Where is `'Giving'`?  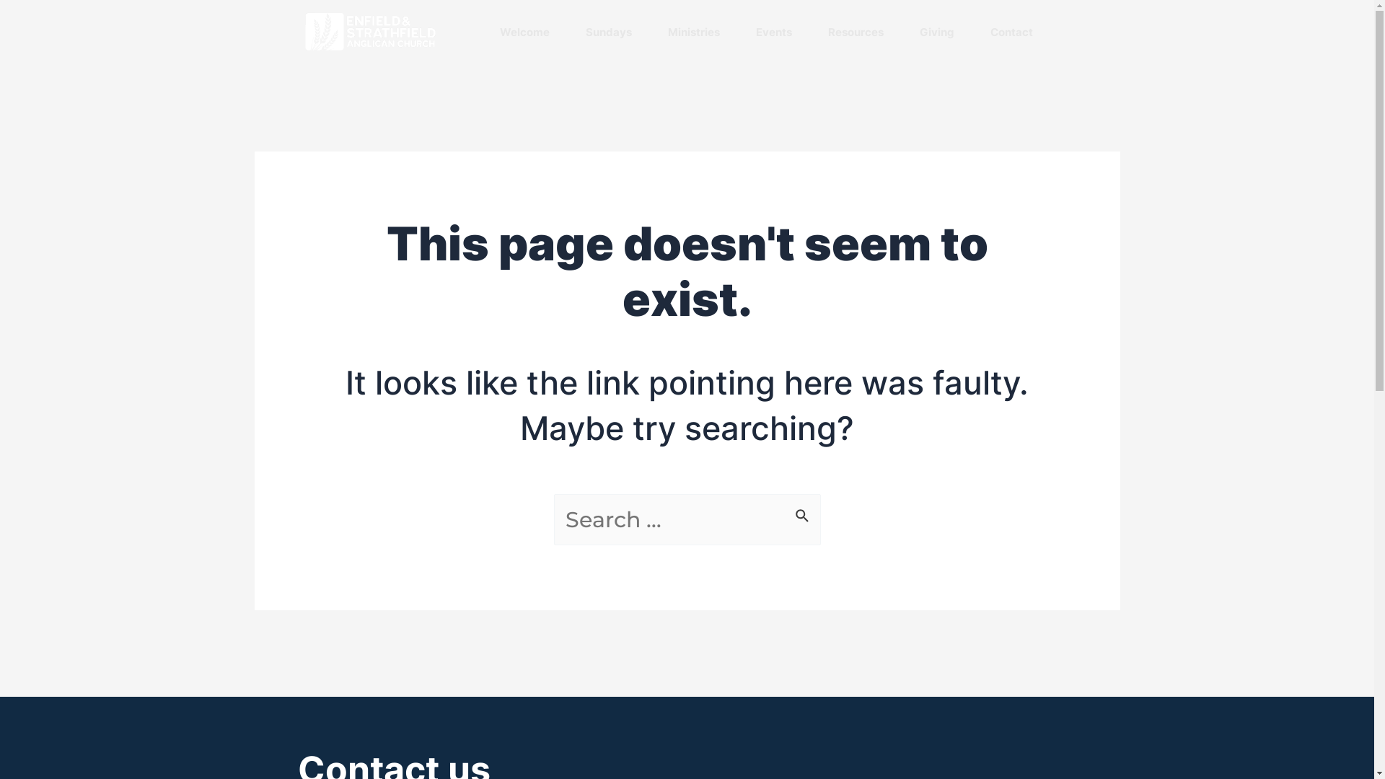 'Giving' is located at coordinates (936, 32).